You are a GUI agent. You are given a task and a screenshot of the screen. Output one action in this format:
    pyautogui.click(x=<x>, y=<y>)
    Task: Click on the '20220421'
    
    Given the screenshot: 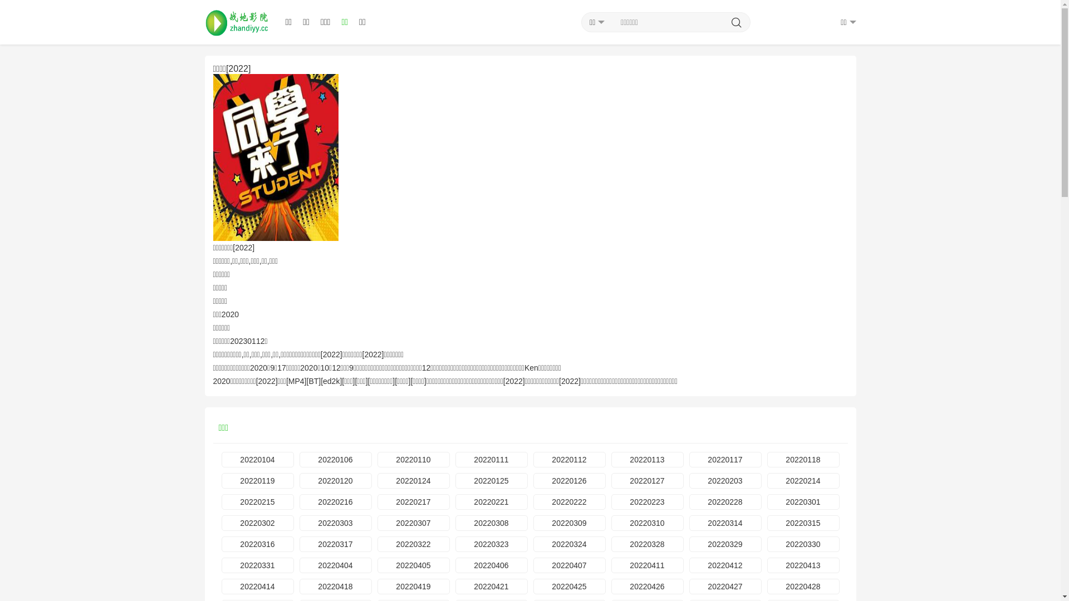 What is the action you would take?
    pyautogui.click(x=491, y=585)
    